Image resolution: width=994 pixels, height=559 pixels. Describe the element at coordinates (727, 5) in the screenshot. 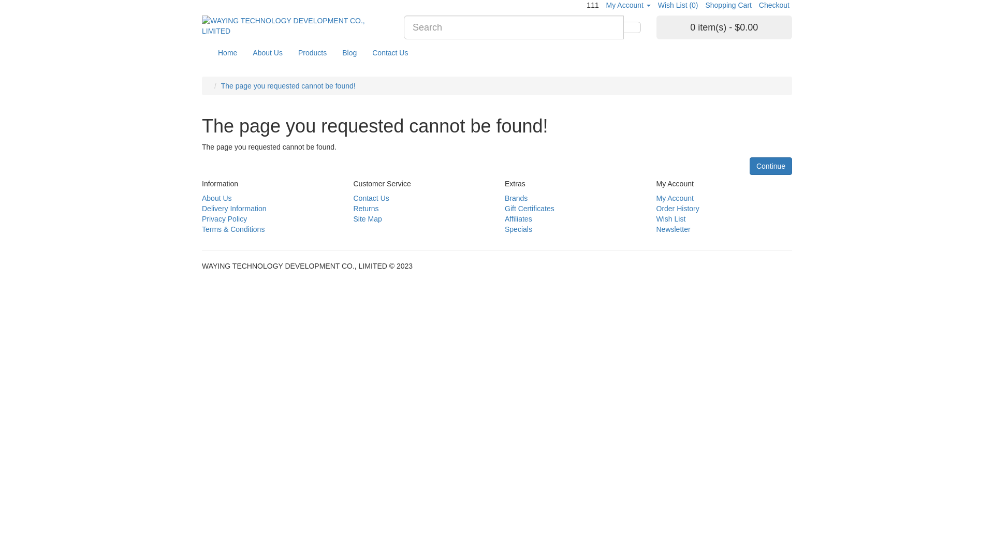

I see `'Shopping Cart'` at that location.